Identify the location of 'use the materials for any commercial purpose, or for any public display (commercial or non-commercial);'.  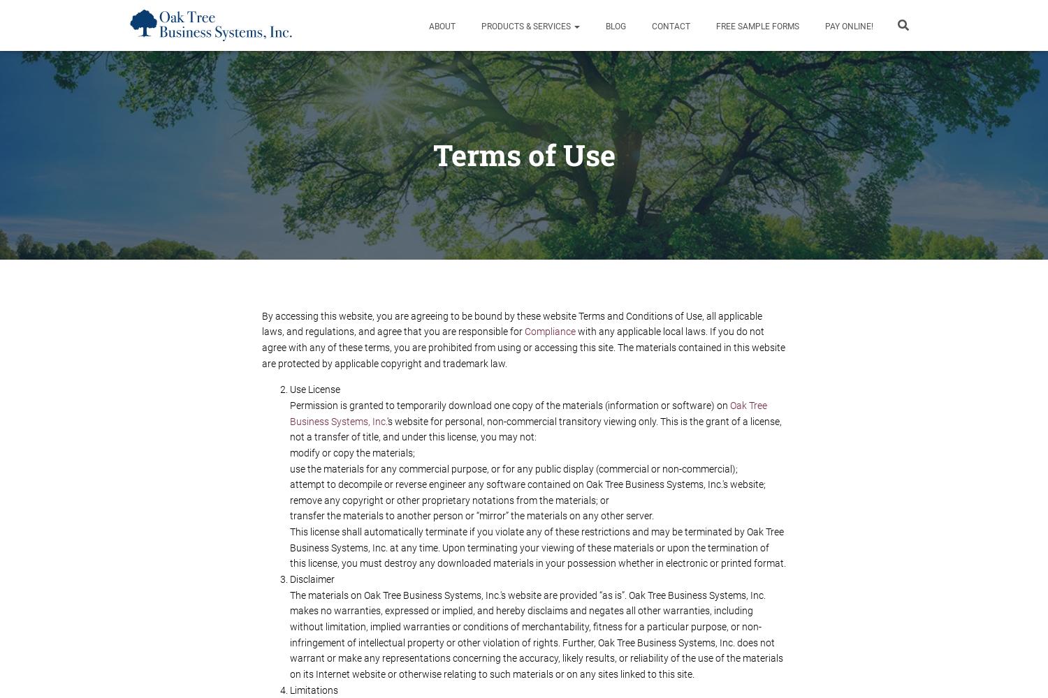
(513, 468).